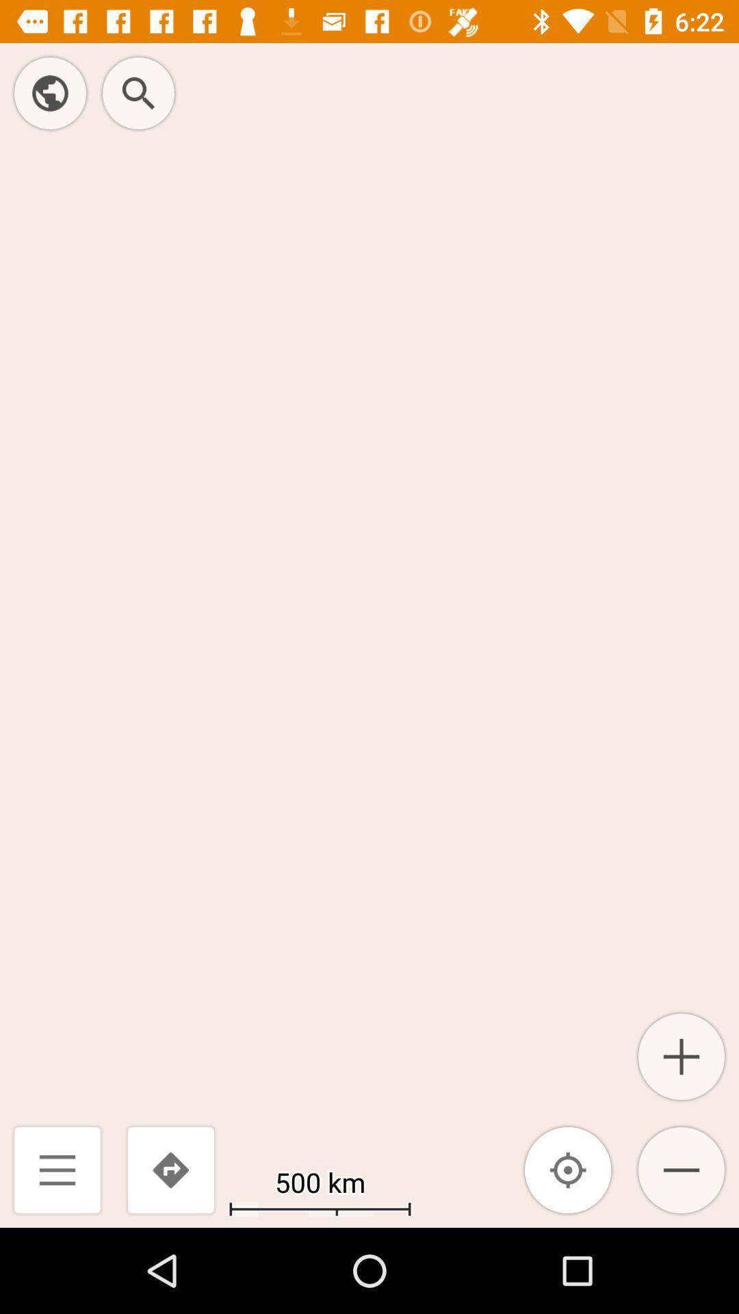 The image size is (739, 1314). What do you see at coordinates (681, 1056) in the screenshot?
I see `the add icon` at bounding box center [681, 1056].